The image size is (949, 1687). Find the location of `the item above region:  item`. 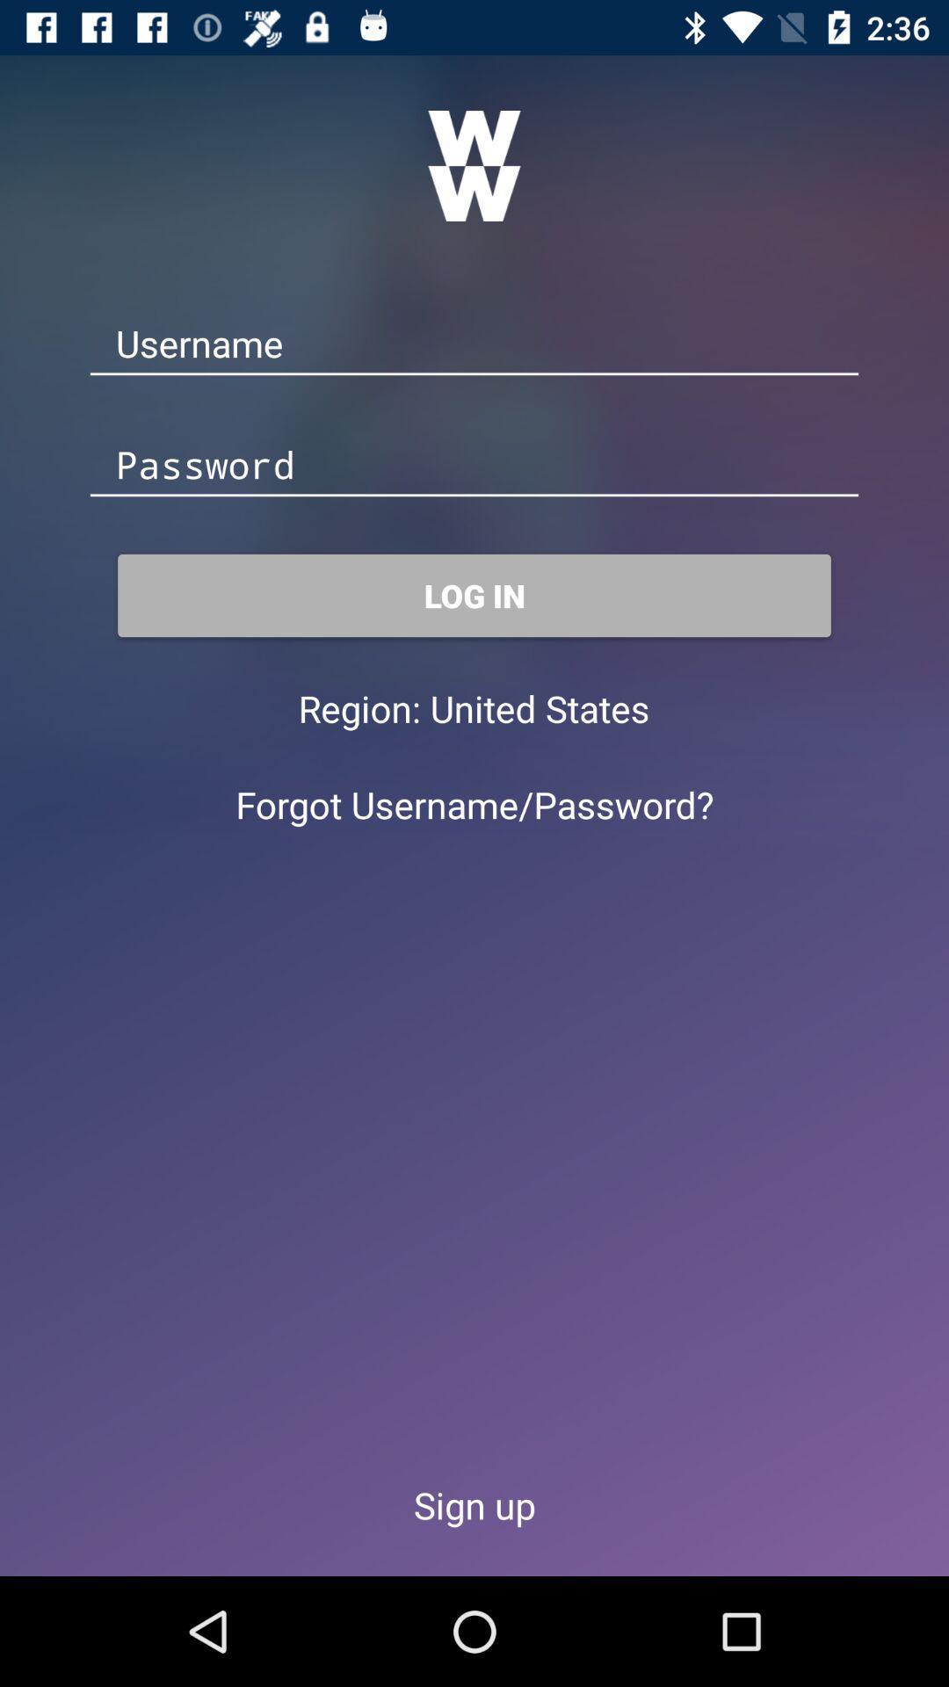

the item above region:  item is located at coordinates (474, 595).